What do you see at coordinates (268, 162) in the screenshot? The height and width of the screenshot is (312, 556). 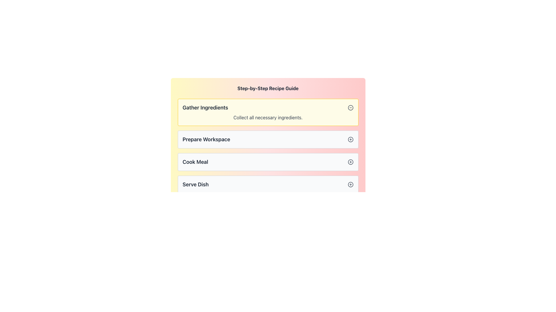 I see `the 'Cook Meal' list item in the step-by-step guide` at bounding box center [268, 162].